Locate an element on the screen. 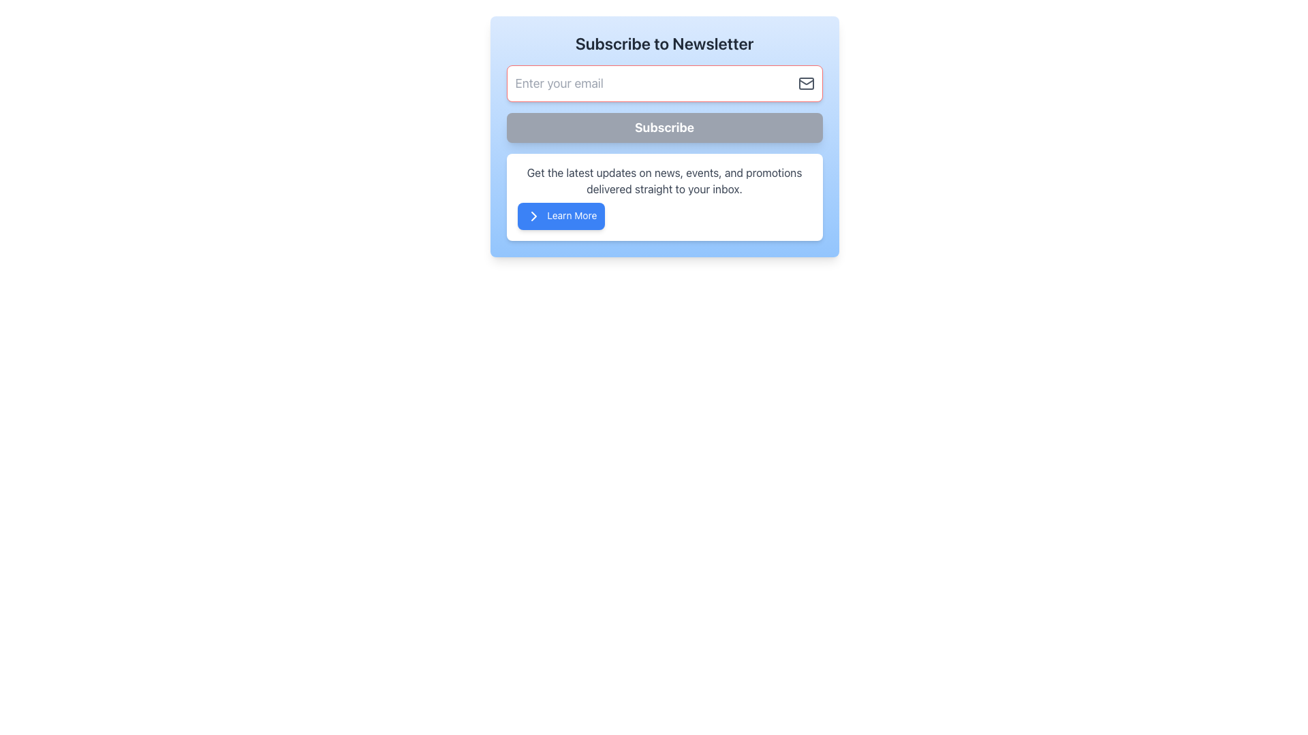 Image resolution: width=1308 pixels, height=735 pixels. the right-pointing chevron-shaped arrow SVG graphic element indicating navigation or progression, located in the upper-right quadrant near the 'Learn More' button is located at coordinates (533, 215).